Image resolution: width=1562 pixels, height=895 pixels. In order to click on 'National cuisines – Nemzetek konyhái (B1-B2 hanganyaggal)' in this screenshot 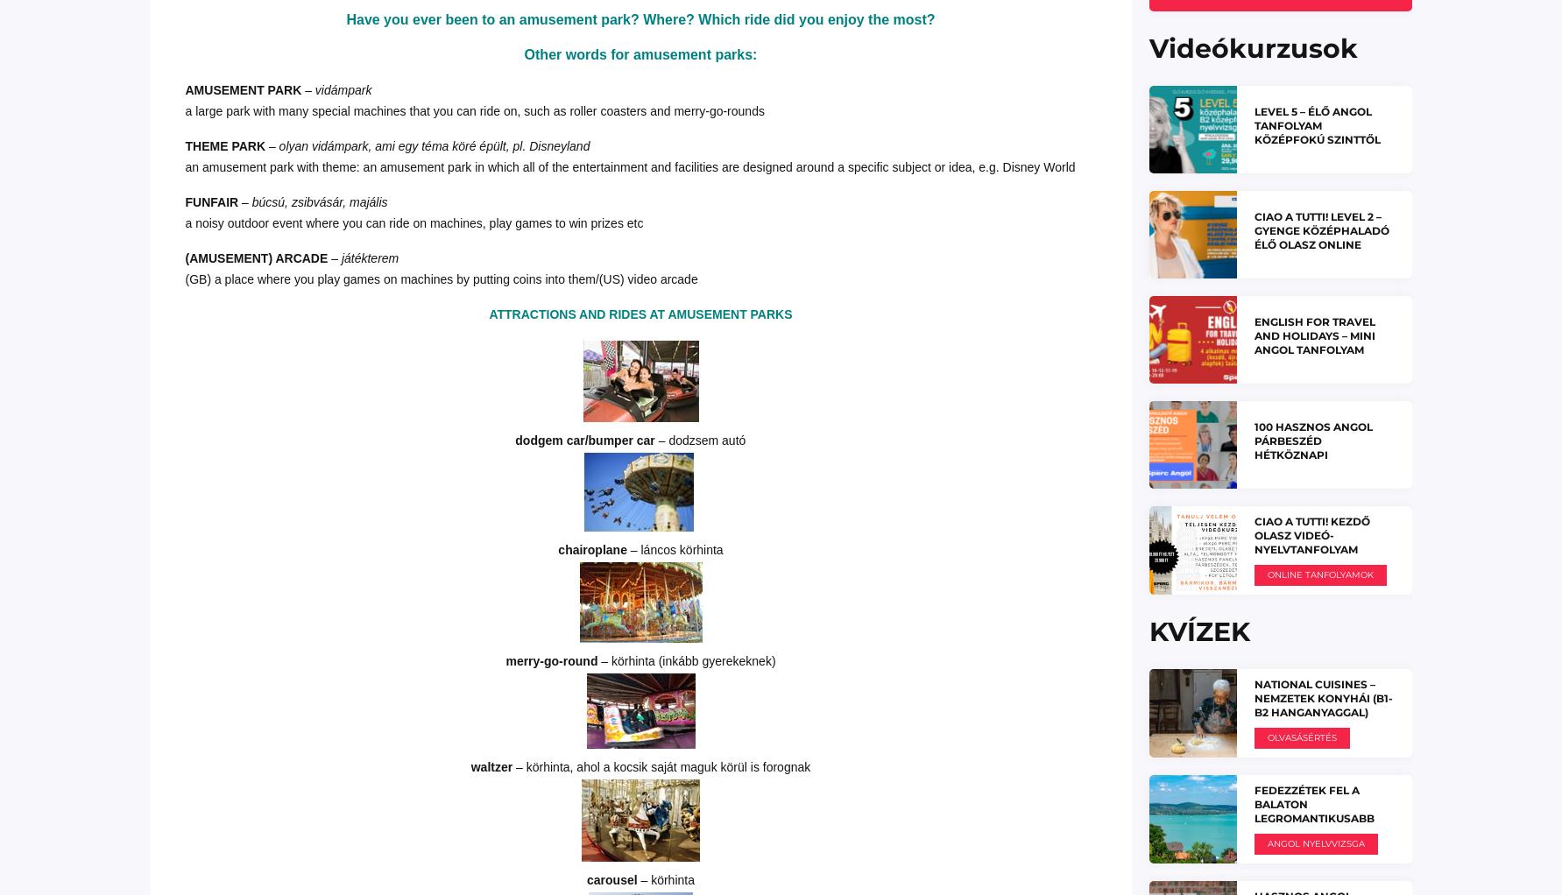, I will do `click(1322, 697)`.